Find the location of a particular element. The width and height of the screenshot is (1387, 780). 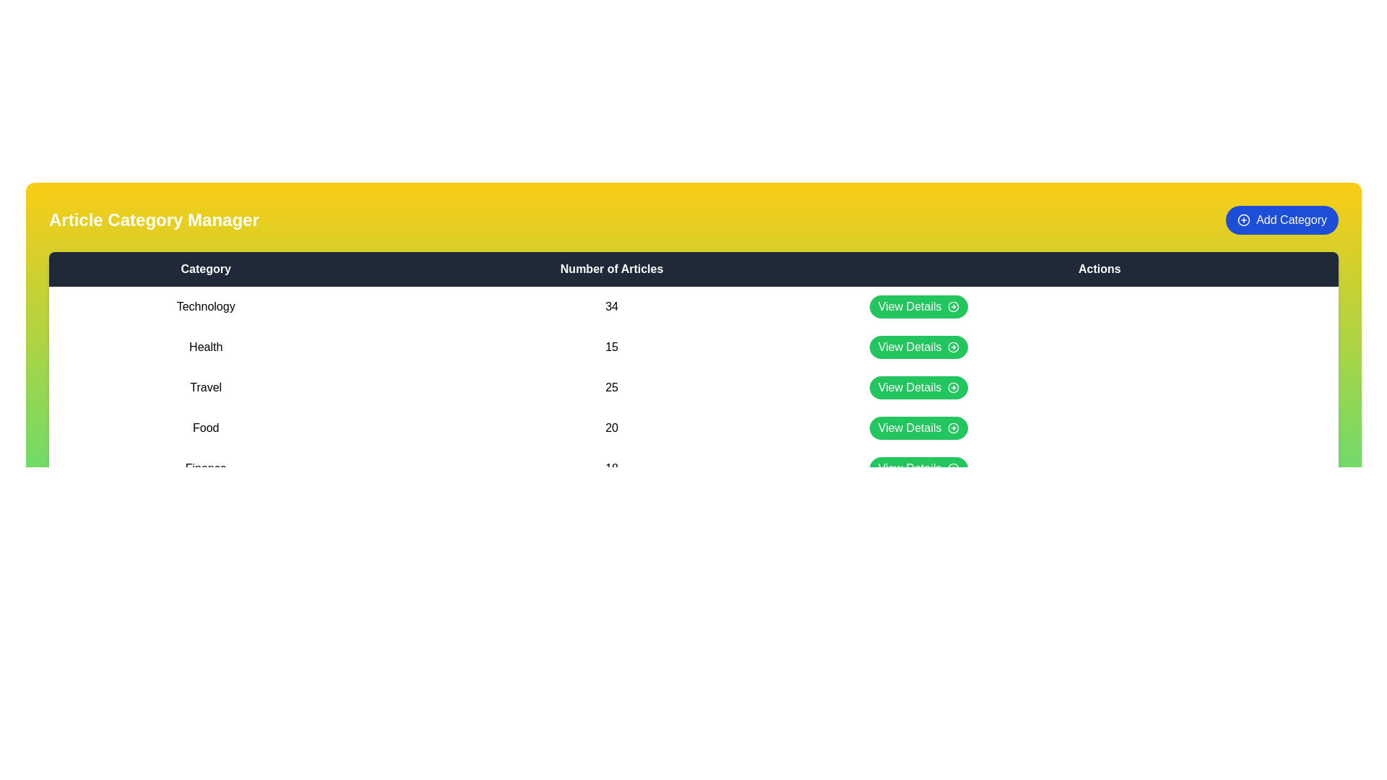

the row corresponding to the category Finance is located at coordinates (693, 468).